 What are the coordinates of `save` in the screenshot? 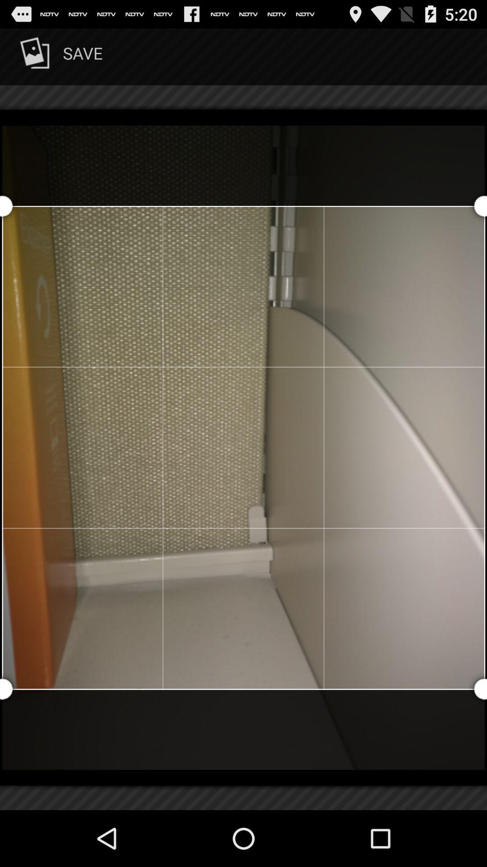 It's located at (60, 56).